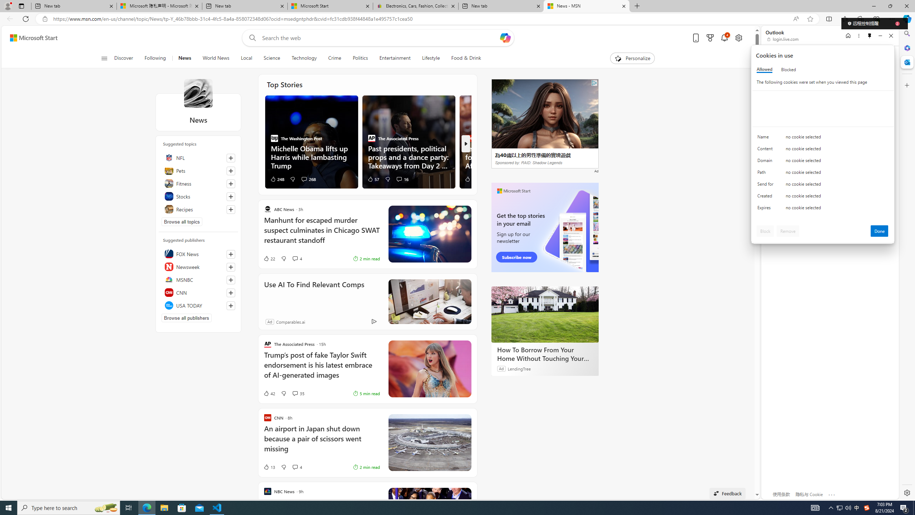 Image resolution: width=915 pixels, height=515 pixels. I want to click on 'Class: c0153 c0157', so click(823, 209).